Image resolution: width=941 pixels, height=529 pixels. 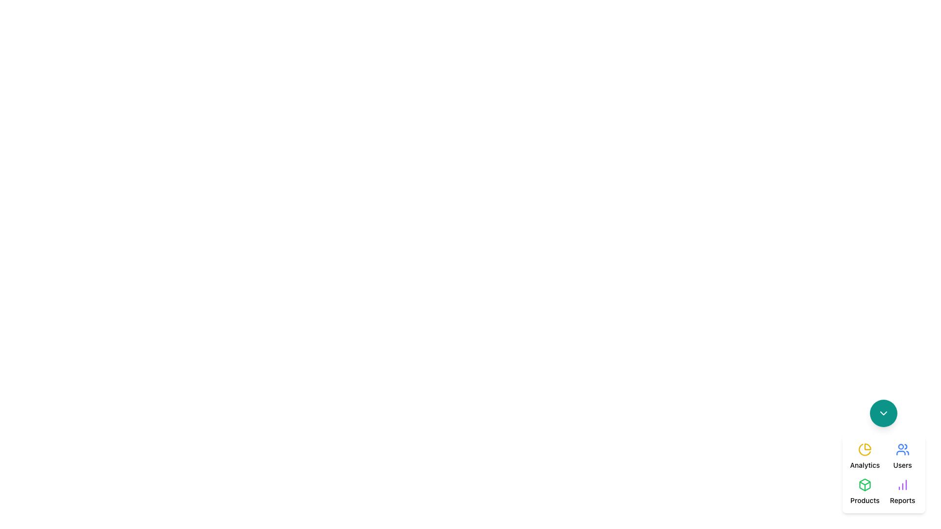 I want to click on the button located at the bottom-right corner of the application interface, so click(x=884, y=413).